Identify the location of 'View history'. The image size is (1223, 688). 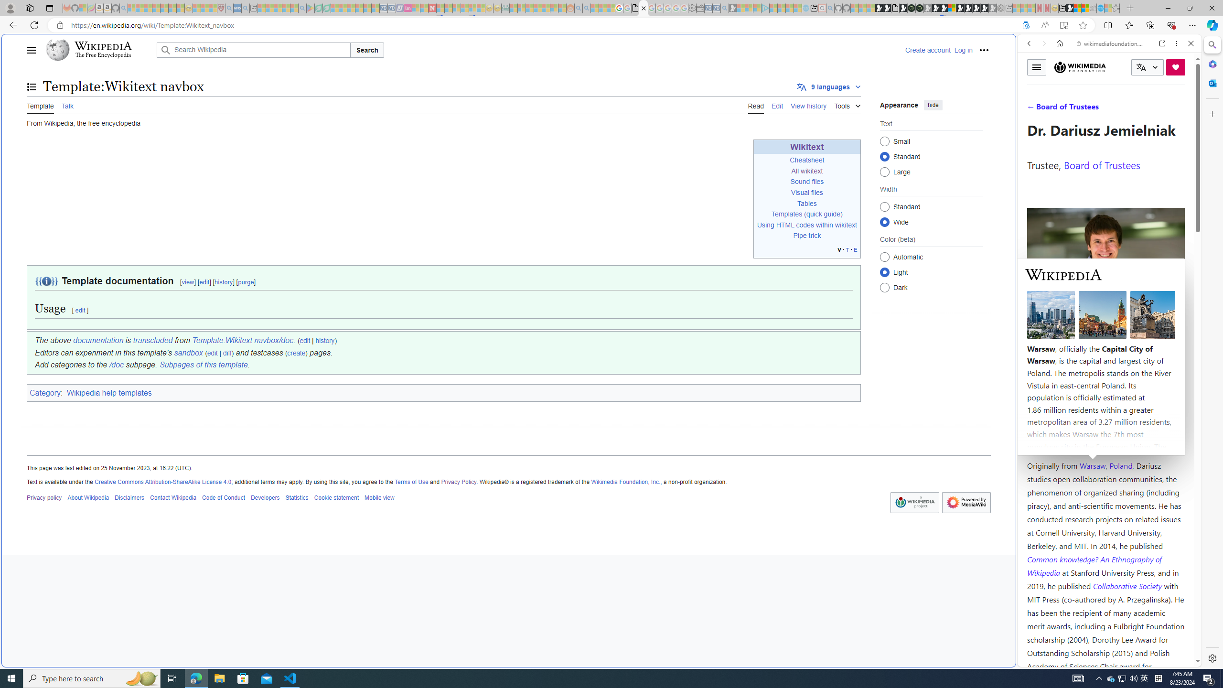
(808, 104).